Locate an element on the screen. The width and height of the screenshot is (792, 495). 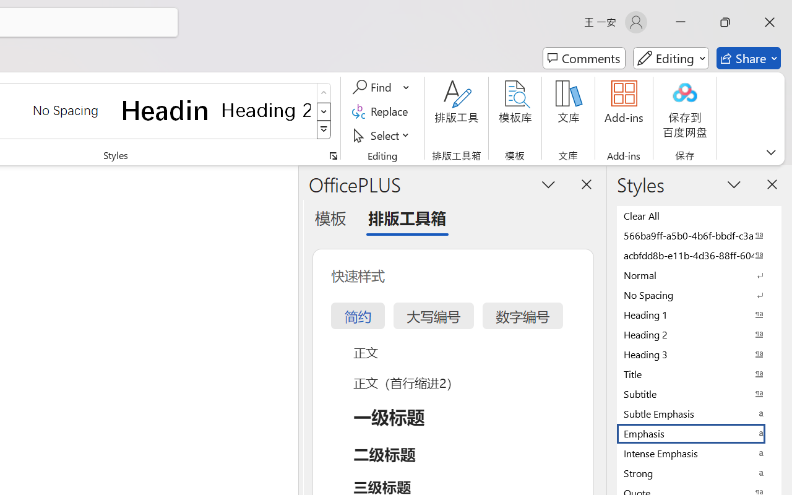
'Replace...' is located at coordinates (381, 111).